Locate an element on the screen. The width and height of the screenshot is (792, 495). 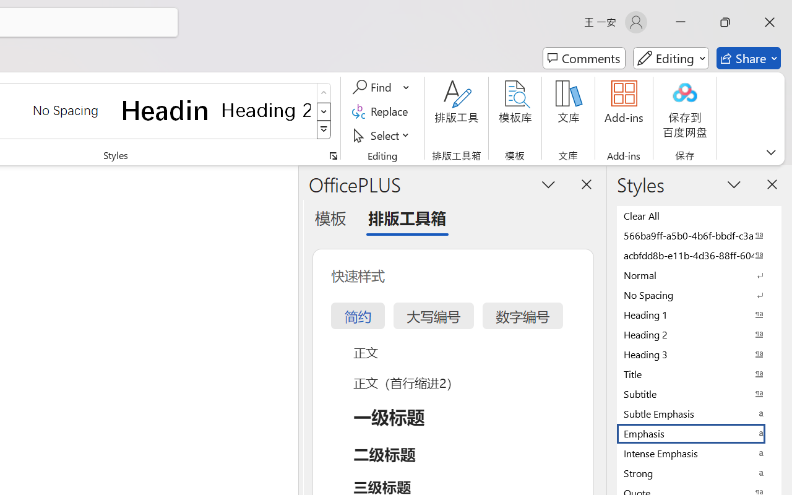
'Replace...' is located at coordinates (381, 111).